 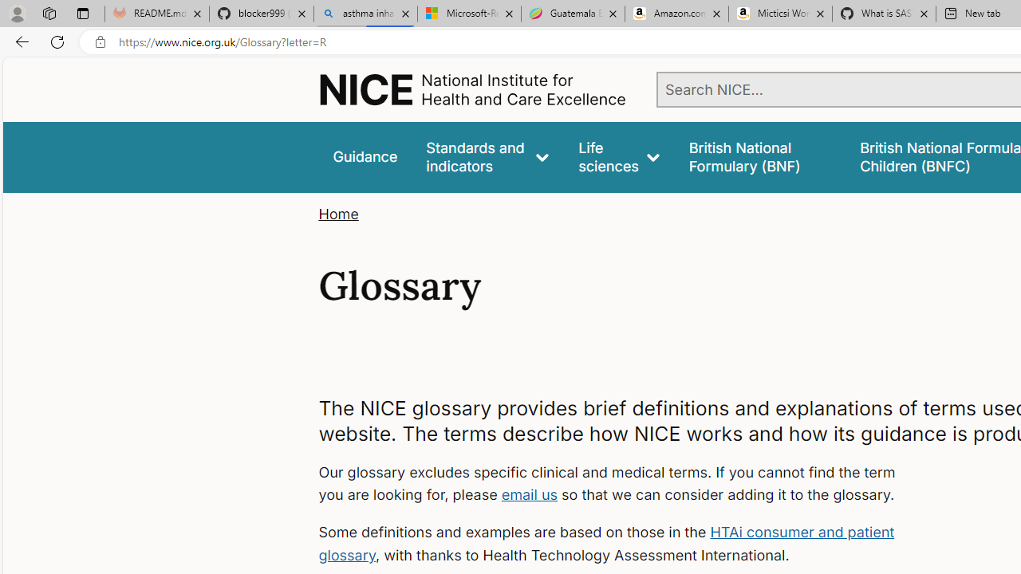 What do you see at coordinates (365, 157) in the screenshot?
I see `'Guidance'` at bounding box center [365, 157].